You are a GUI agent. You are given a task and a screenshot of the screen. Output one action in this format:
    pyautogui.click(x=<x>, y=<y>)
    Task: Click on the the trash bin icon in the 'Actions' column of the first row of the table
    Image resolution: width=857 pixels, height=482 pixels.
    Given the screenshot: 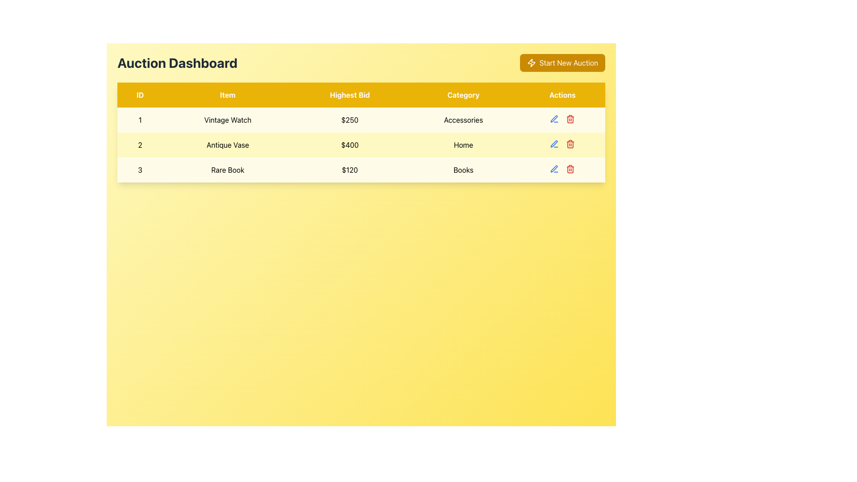 What is the action you would take?
    pyautogui.click(x=562, y=118)
    